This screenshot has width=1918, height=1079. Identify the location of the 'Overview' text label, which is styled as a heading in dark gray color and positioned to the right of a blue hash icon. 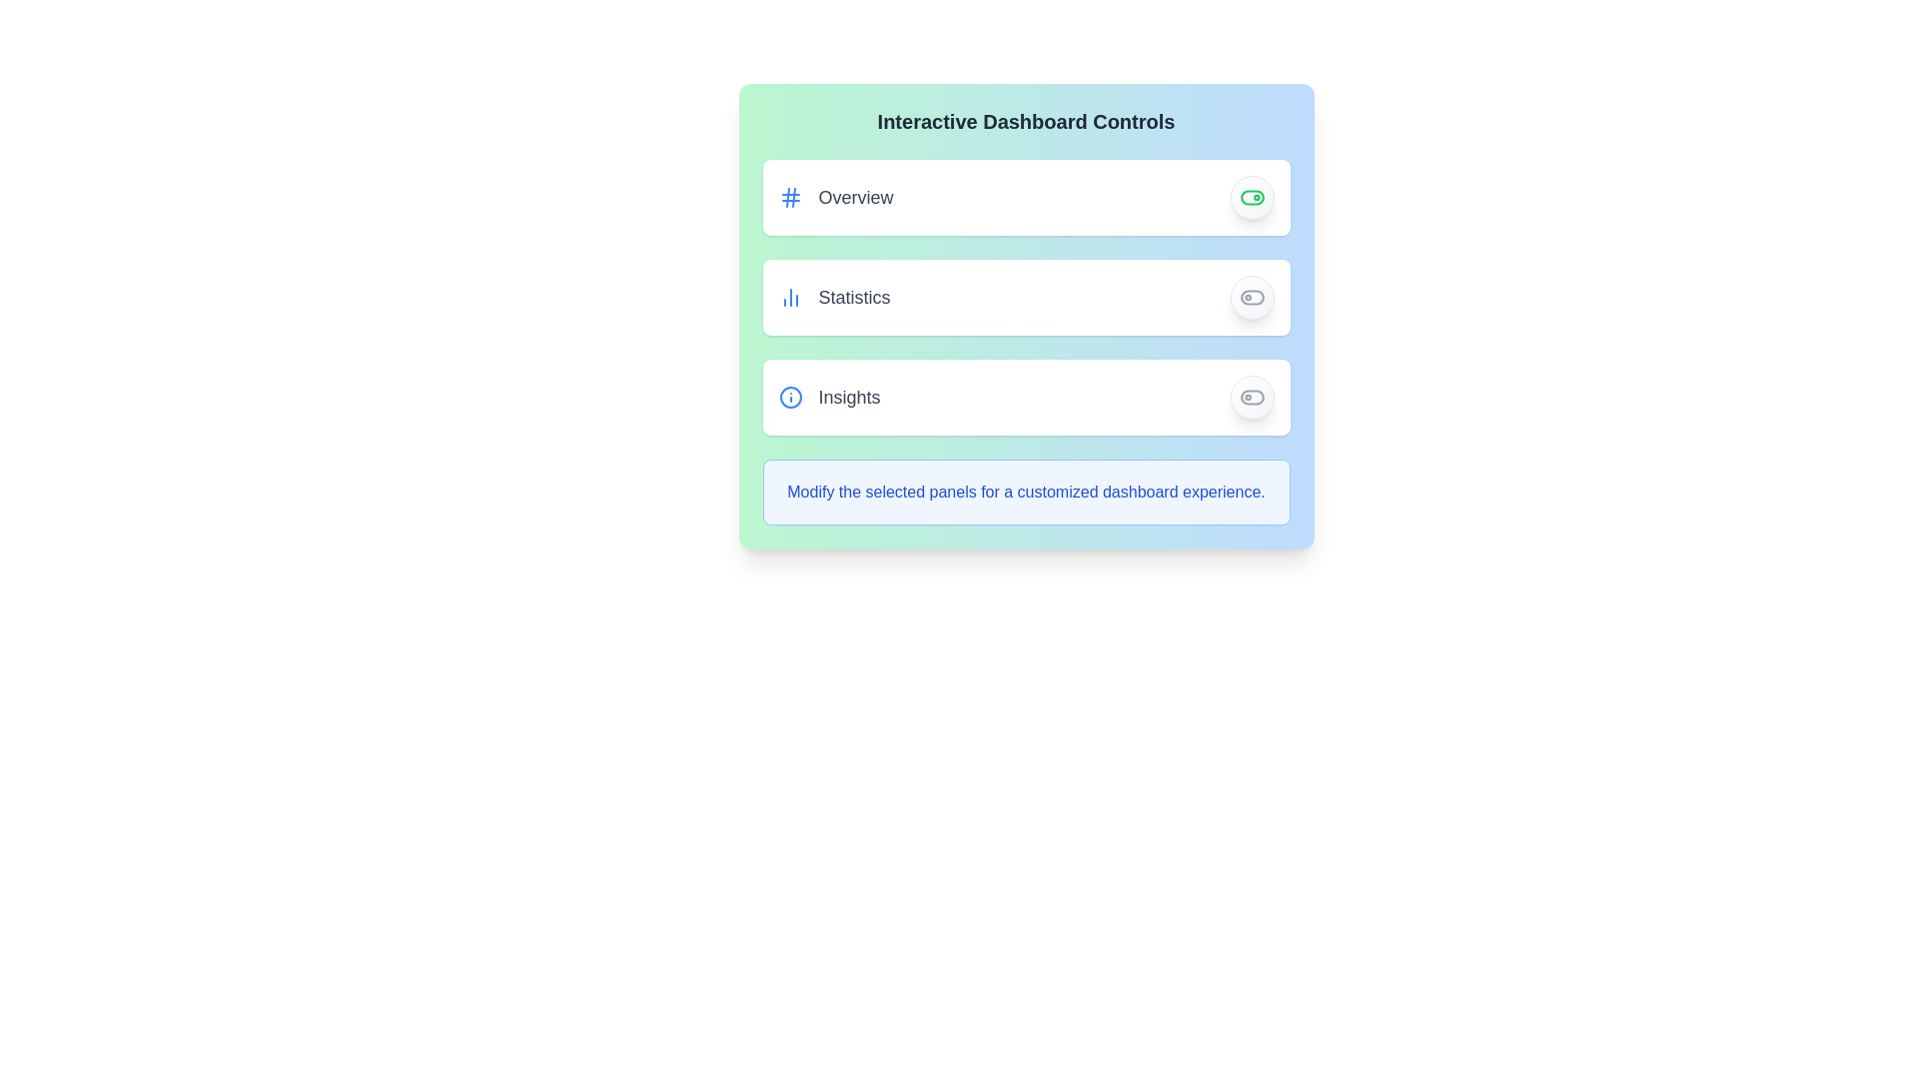
(856, 197).